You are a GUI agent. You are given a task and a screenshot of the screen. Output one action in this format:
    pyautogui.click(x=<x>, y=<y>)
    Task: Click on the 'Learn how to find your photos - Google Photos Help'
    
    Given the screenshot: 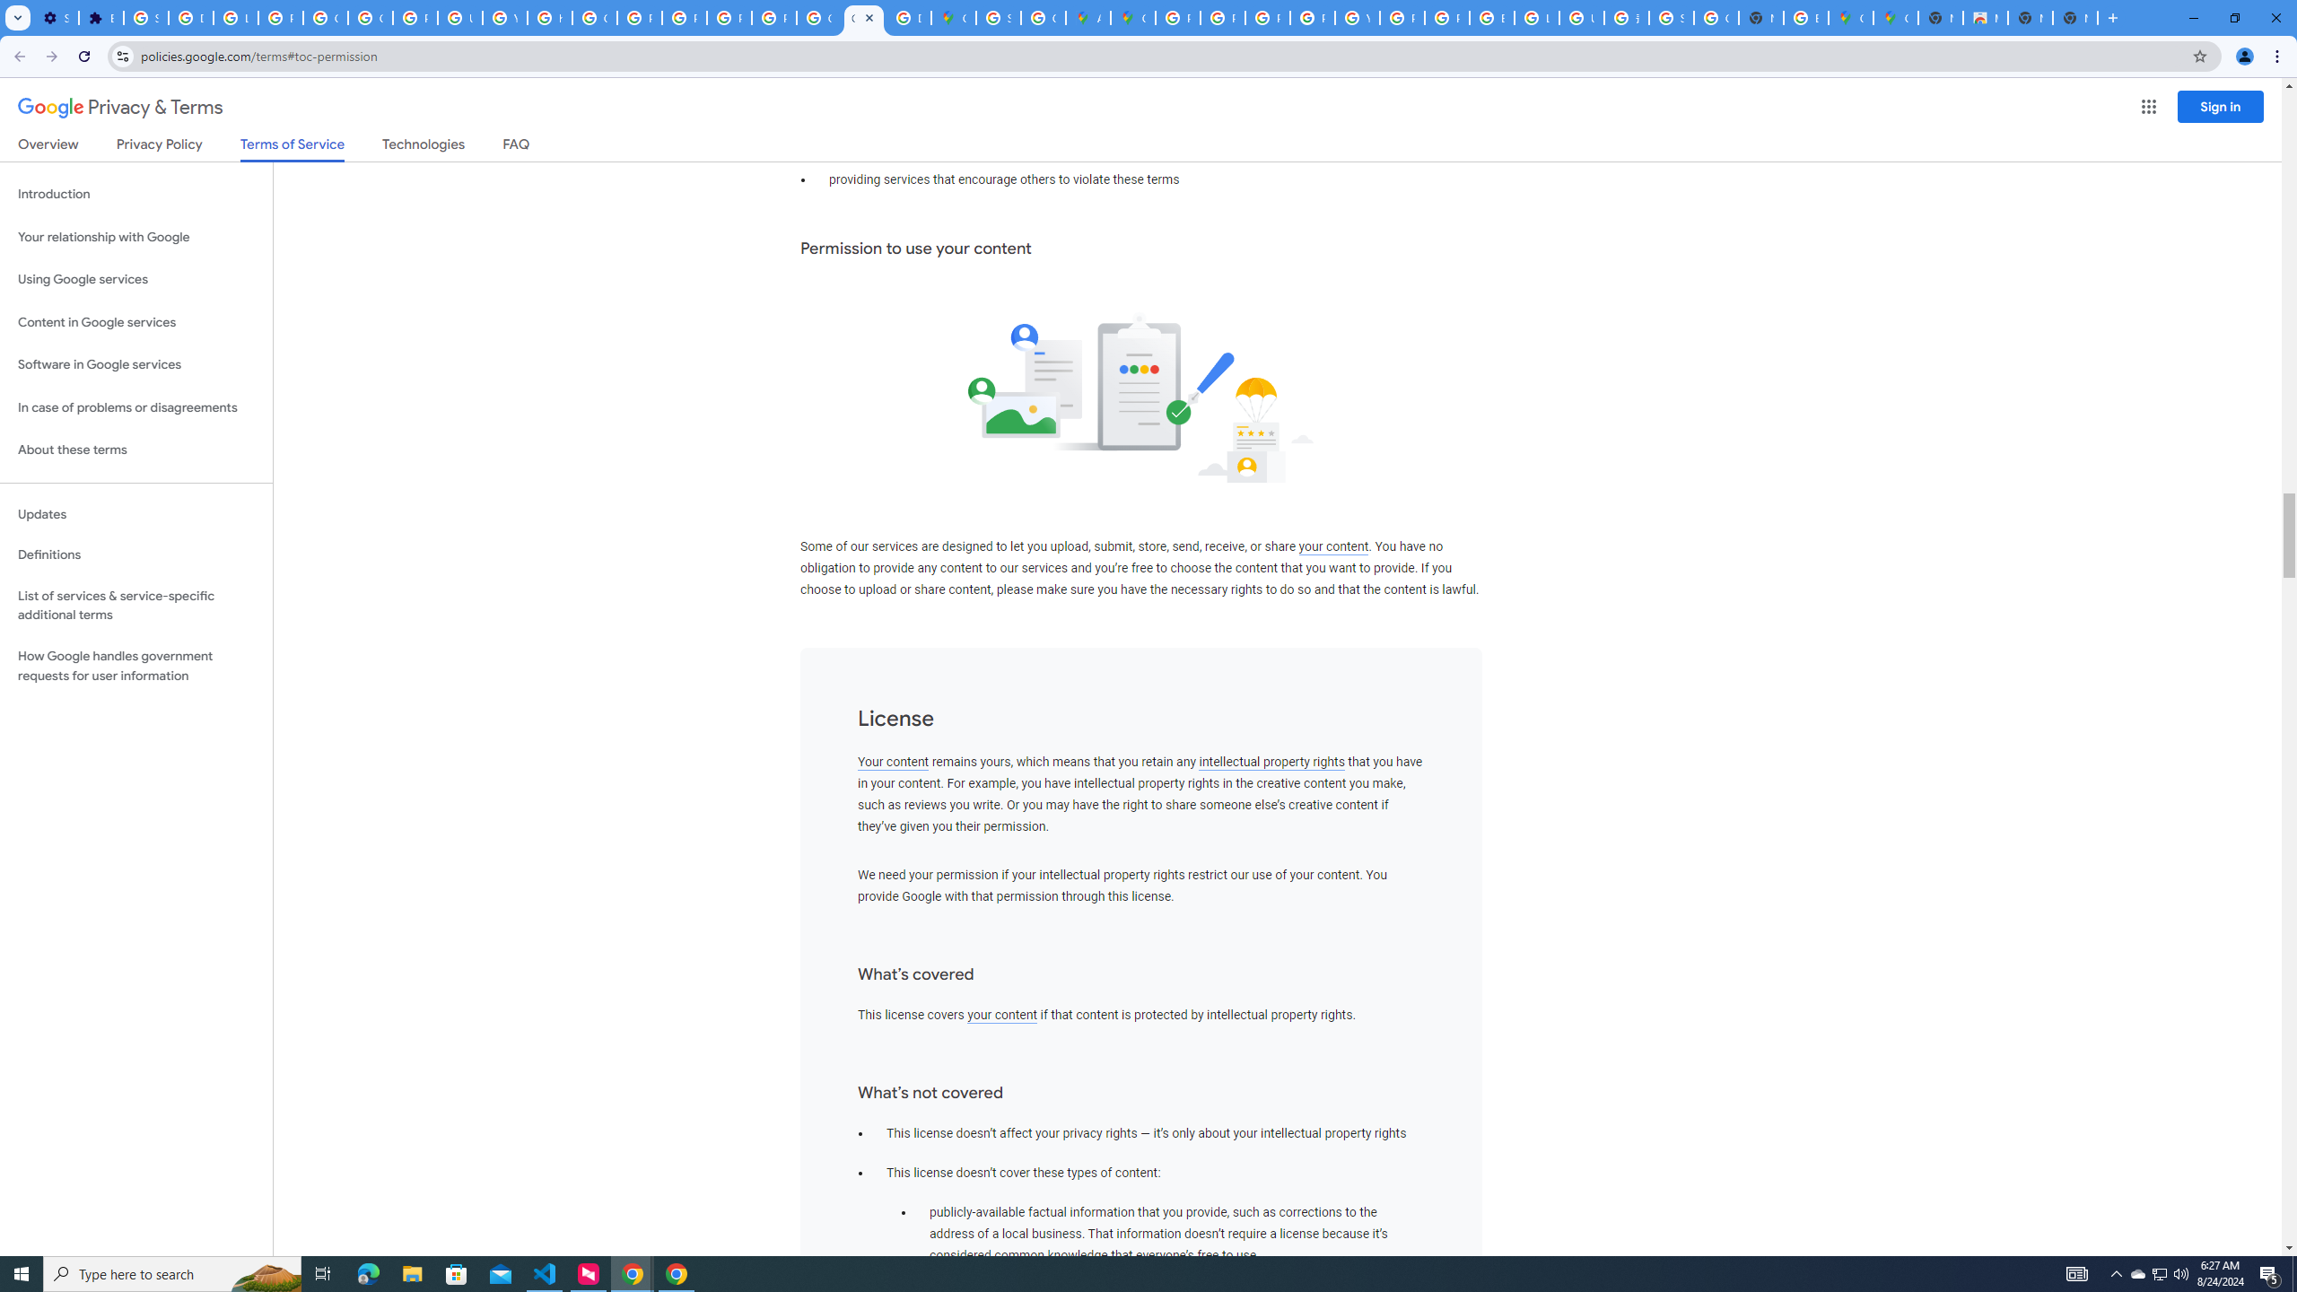 What is the action you would take?
    pyautogui.click(x=234, y=17)
    